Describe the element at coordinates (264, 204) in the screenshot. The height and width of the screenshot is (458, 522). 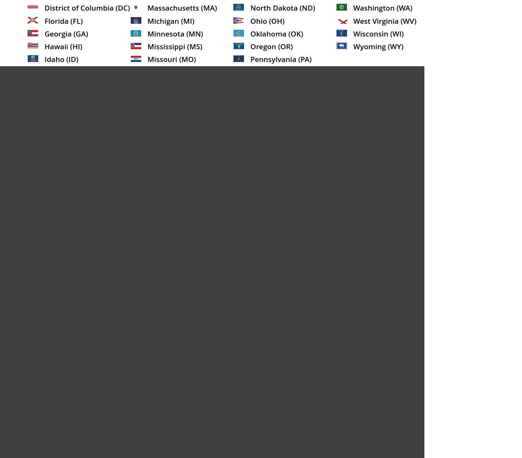
I see `'Loans By State'` at that location.